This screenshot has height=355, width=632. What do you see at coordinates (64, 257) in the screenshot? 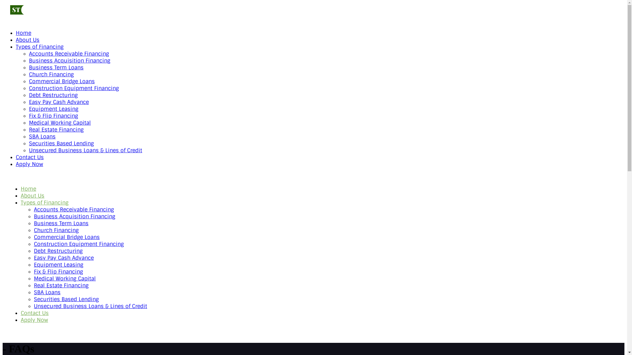
I see `'Easy Pay Cash Advance'` at bounding box center [64, 257].